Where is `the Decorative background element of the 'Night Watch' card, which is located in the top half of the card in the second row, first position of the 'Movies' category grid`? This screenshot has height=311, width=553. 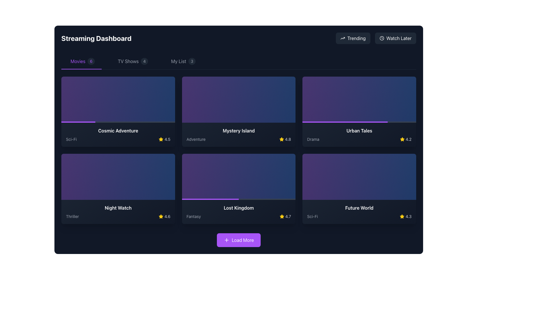
the Decorative background element of the 'Night Watch' card, which is located in the top half of the card in the second row, first position of the 'Movies' category grid is located at coordinates (118, 176).